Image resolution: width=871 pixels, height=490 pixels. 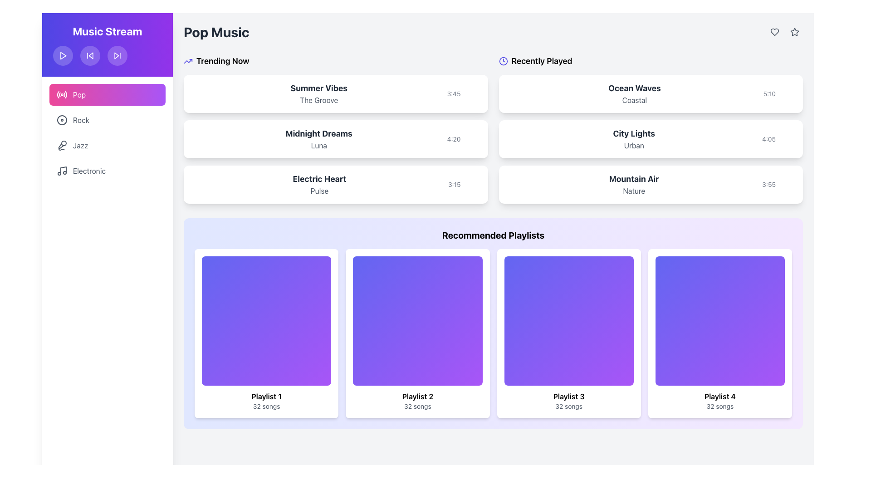 What do you see at coordinates (335, 139) in the screenshot?
I see `the clickable list item representing the music track 'Midnight Dreams' by 'Luna' in the 'Trending Now' section` at bounding box center [335, 139].